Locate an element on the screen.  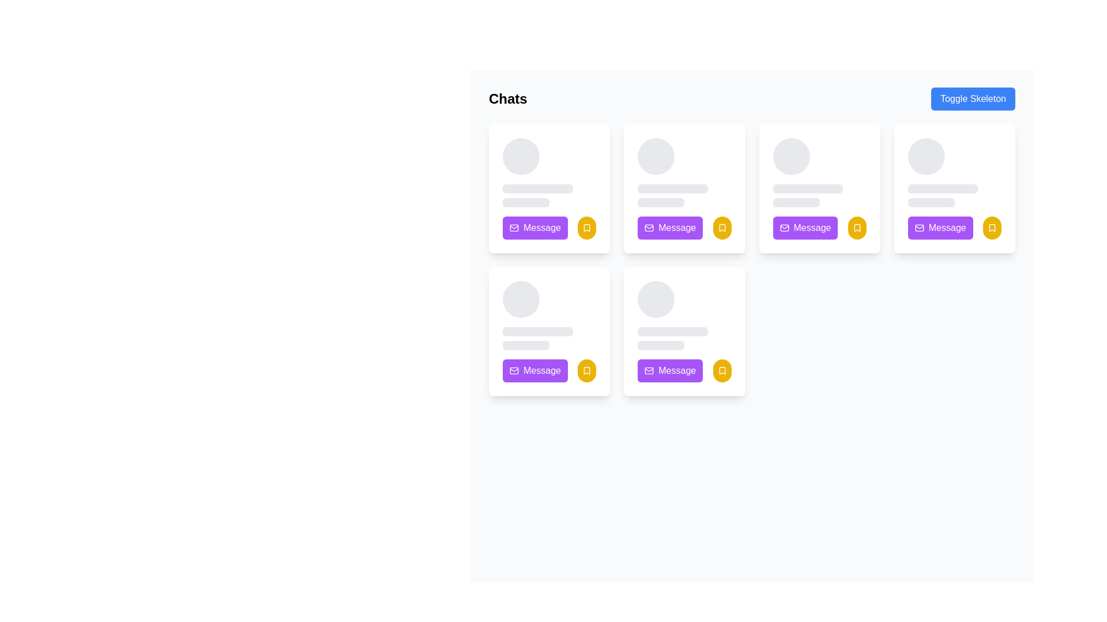
the button with a purple background and white text reading 'Message' is located at coordinates (549, 371).